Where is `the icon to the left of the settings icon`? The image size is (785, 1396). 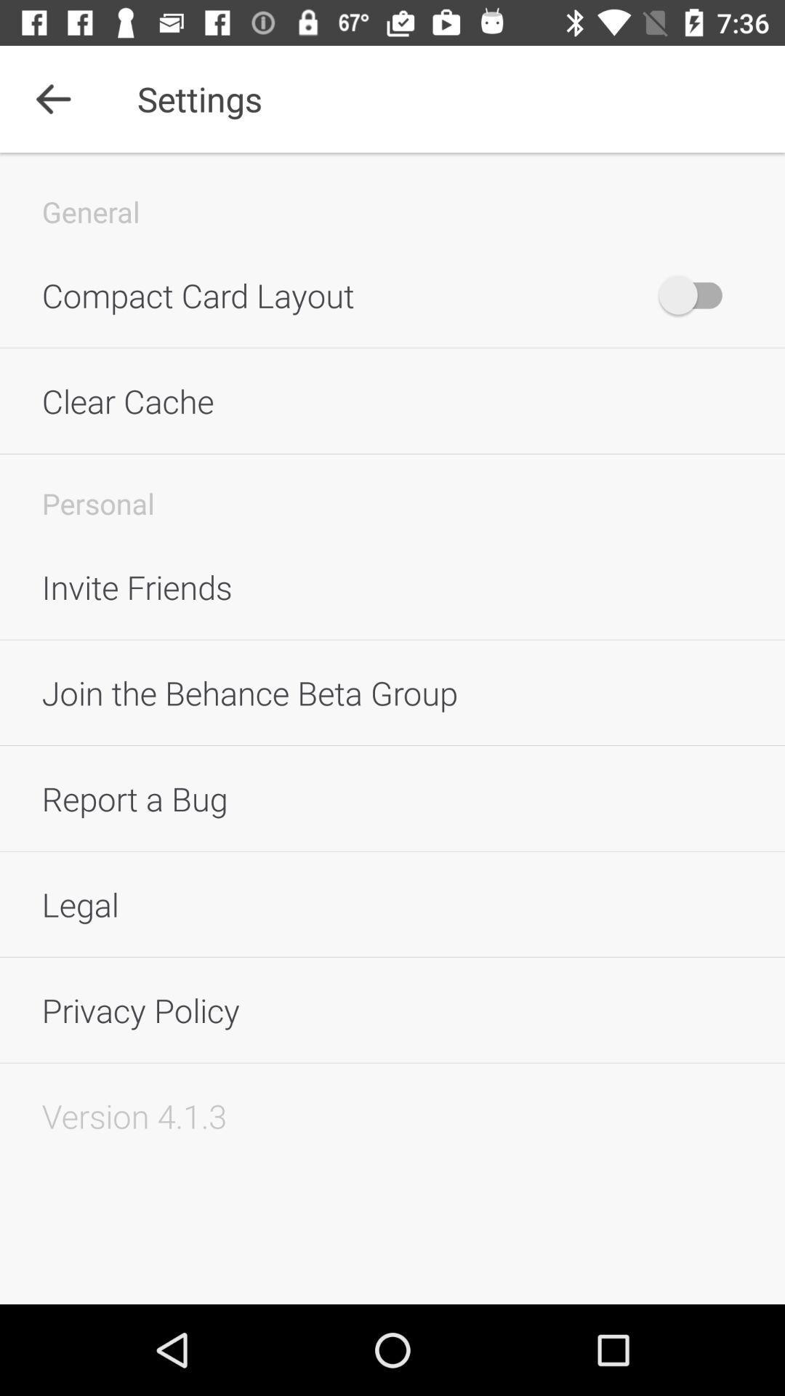 the icon to the left of the settings icon is located at coordinates (52, 98).